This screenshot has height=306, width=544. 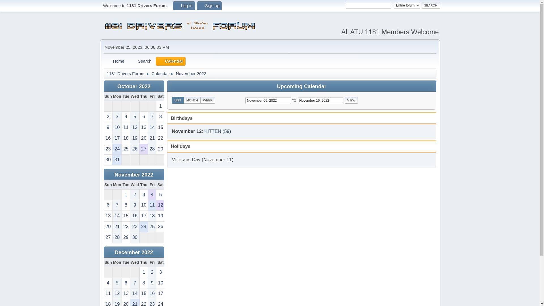 I want to click on '1', so click(x=126, y=194).